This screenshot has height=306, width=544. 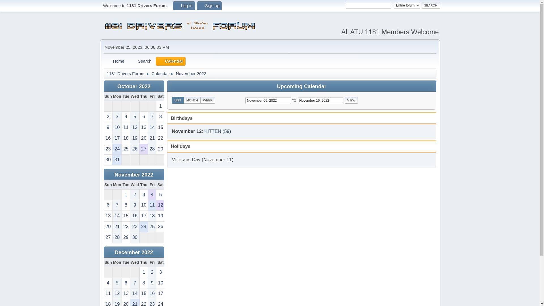 I want to click on '1', so click(x=126, y=194).